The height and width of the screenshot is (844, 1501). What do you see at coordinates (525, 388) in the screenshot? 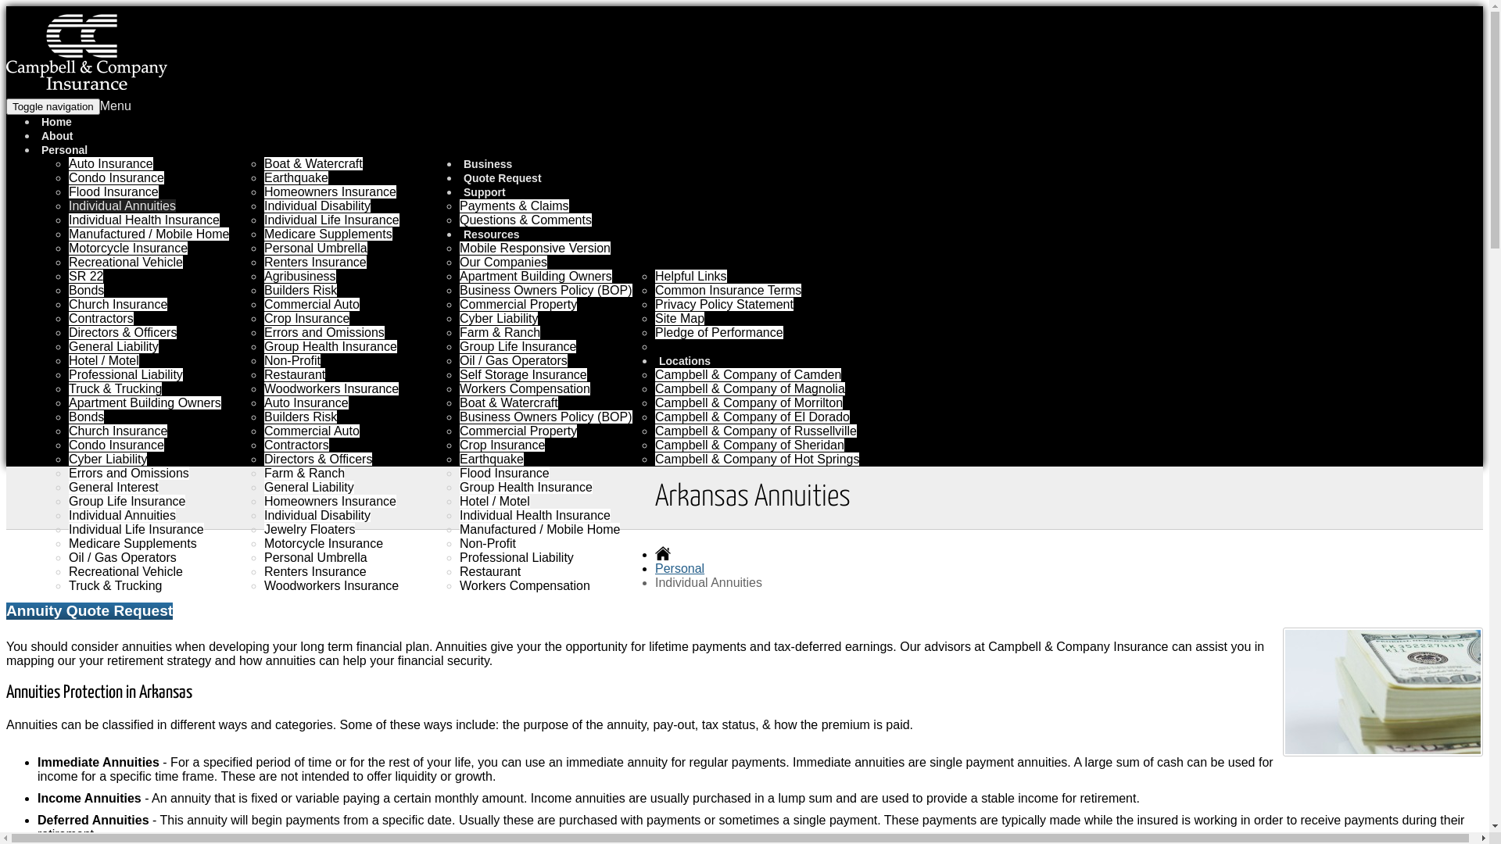
I see `'Workers Compensation'` at bounding box center [525, 388].